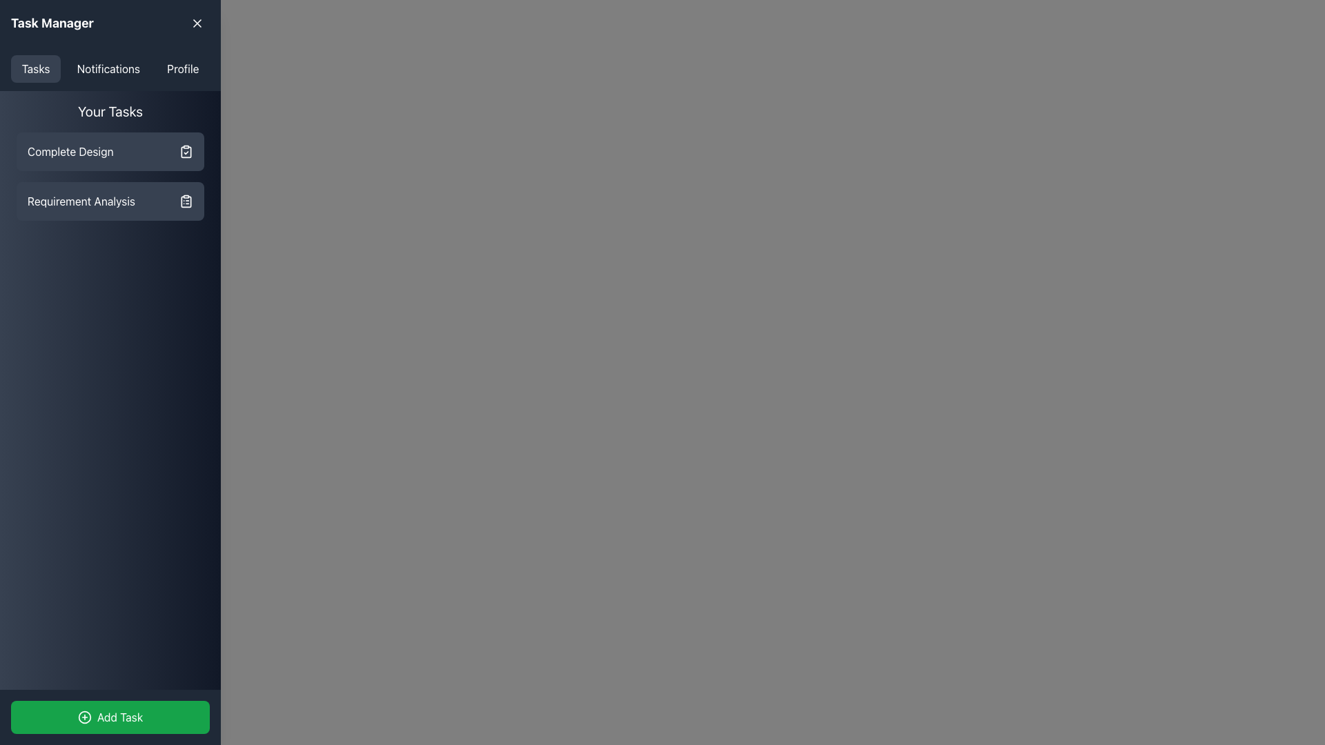 The image size is (1325, 745). What do you see at coordinates (182, 69) in the screenshot?
I see `the 'Profile' button located in the top section of the sidebar, which is the third button in a horizontal group of three` at bounding box center [182, 69].